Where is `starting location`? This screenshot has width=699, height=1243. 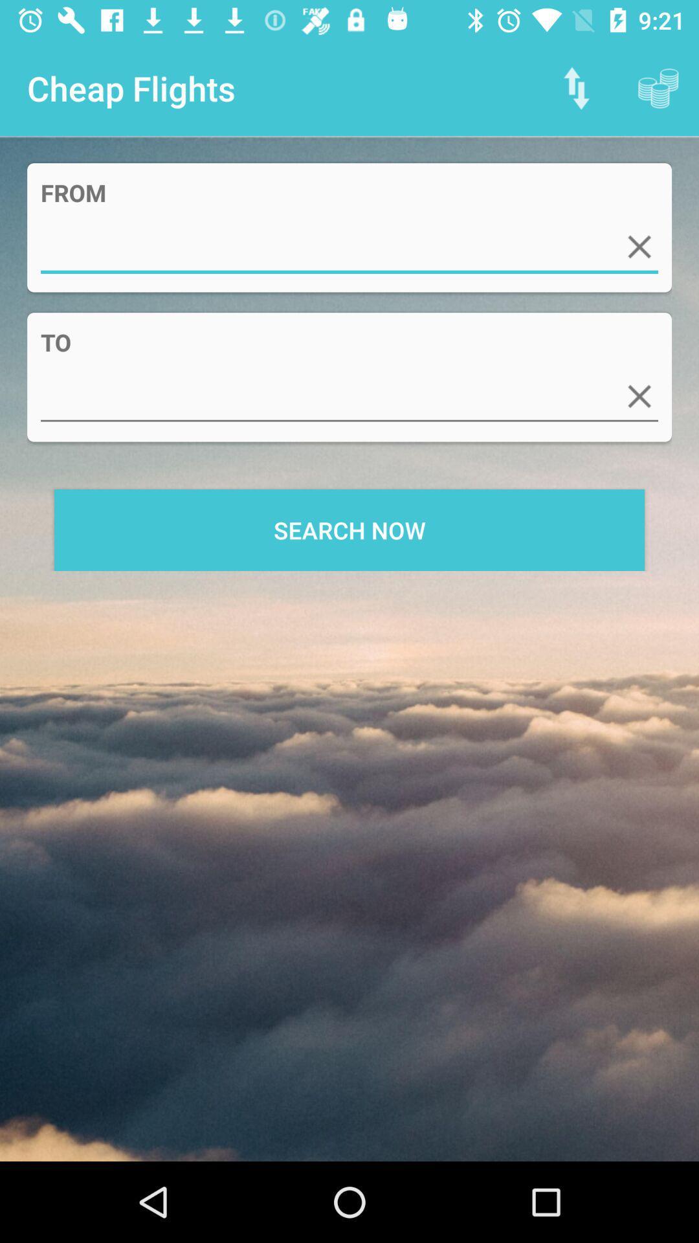 starting location is located at coordinates (349, 247).